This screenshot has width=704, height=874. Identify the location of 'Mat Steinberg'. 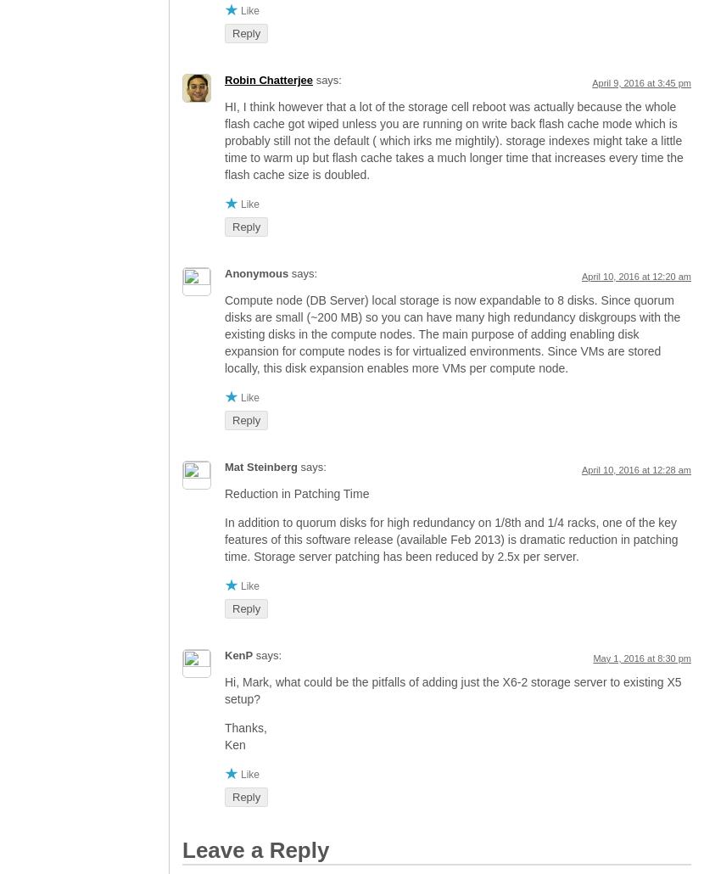
(260, 466).